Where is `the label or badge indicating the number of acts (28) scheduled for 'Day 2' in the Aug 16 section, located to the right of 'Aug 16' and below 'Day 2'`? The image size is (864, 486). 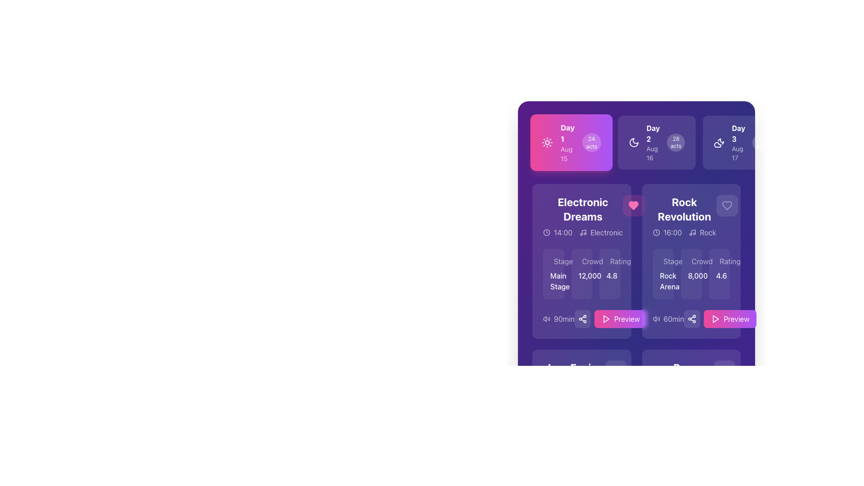 the label or badge indicating the number of acts (28) scheduled for 'Day 2' in the Aug 16 section, located to the right of 'Aug 16' and below 'Day 2' is located at coordinates (676, 142).